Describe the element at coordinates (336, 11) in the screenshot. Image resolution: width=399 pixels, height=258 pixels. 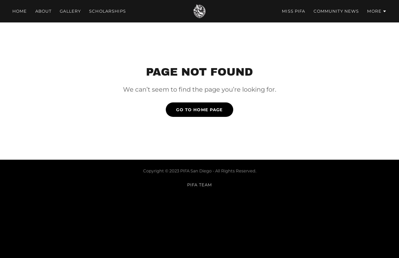
I see `'Community News'` at that location.